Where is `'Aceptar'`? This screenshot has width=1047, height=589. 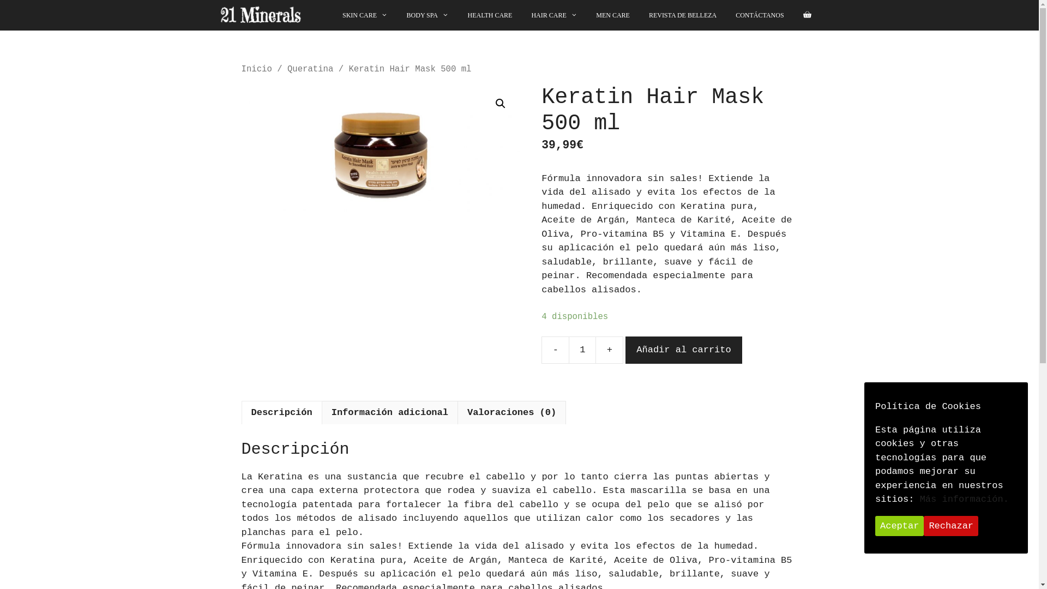
'Aceptar' is located at coordinates (875, 525).